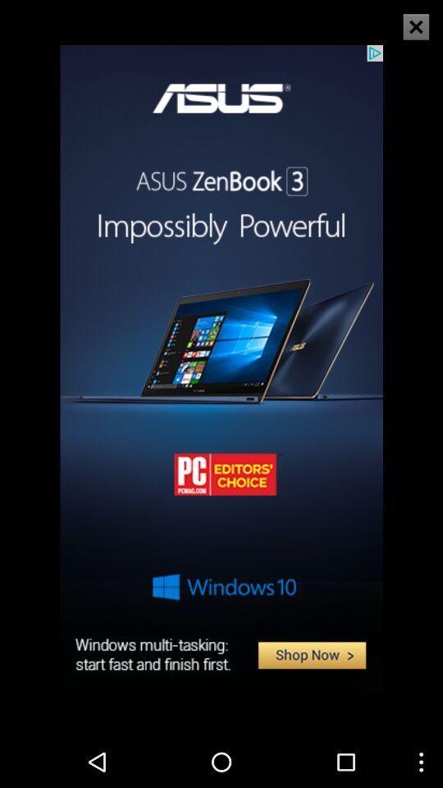 The image size is (443, 788). What do you see at coordinates (416, 28) in the screenshot?
I see `the close icon` at bounding box center [416, 28].